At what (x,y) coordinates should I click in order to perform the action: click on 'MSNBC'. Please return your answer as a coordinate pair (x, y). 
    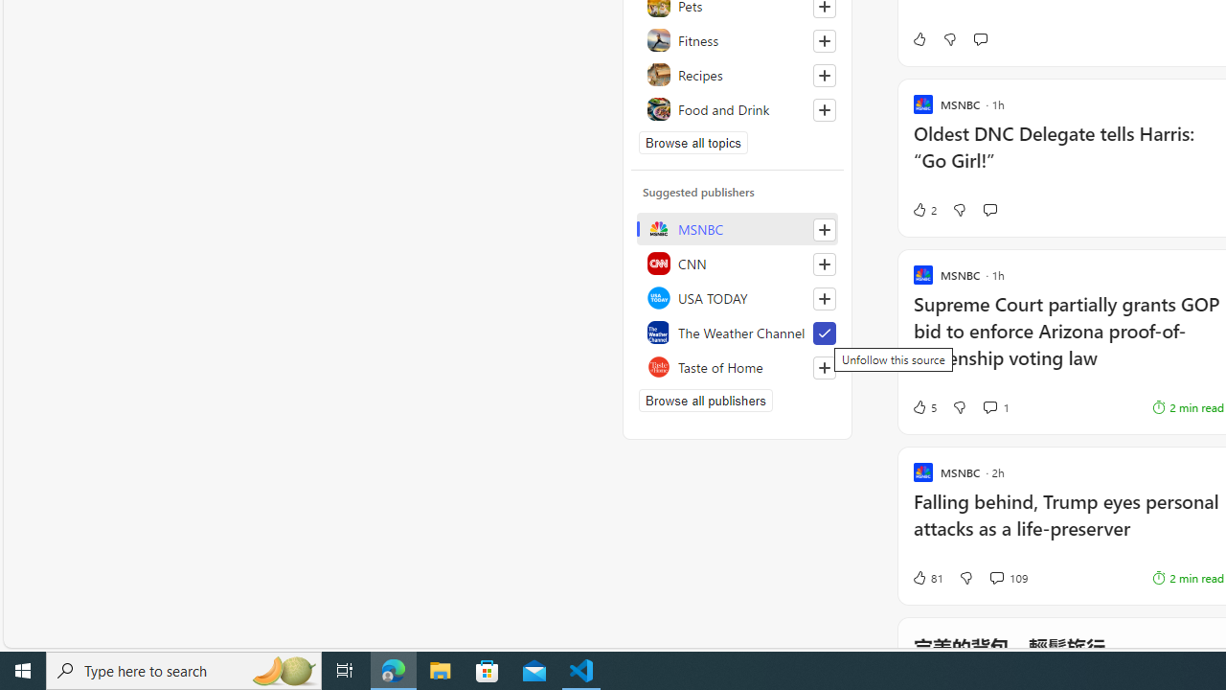
    Looking at the image, I should click on (737, 228).